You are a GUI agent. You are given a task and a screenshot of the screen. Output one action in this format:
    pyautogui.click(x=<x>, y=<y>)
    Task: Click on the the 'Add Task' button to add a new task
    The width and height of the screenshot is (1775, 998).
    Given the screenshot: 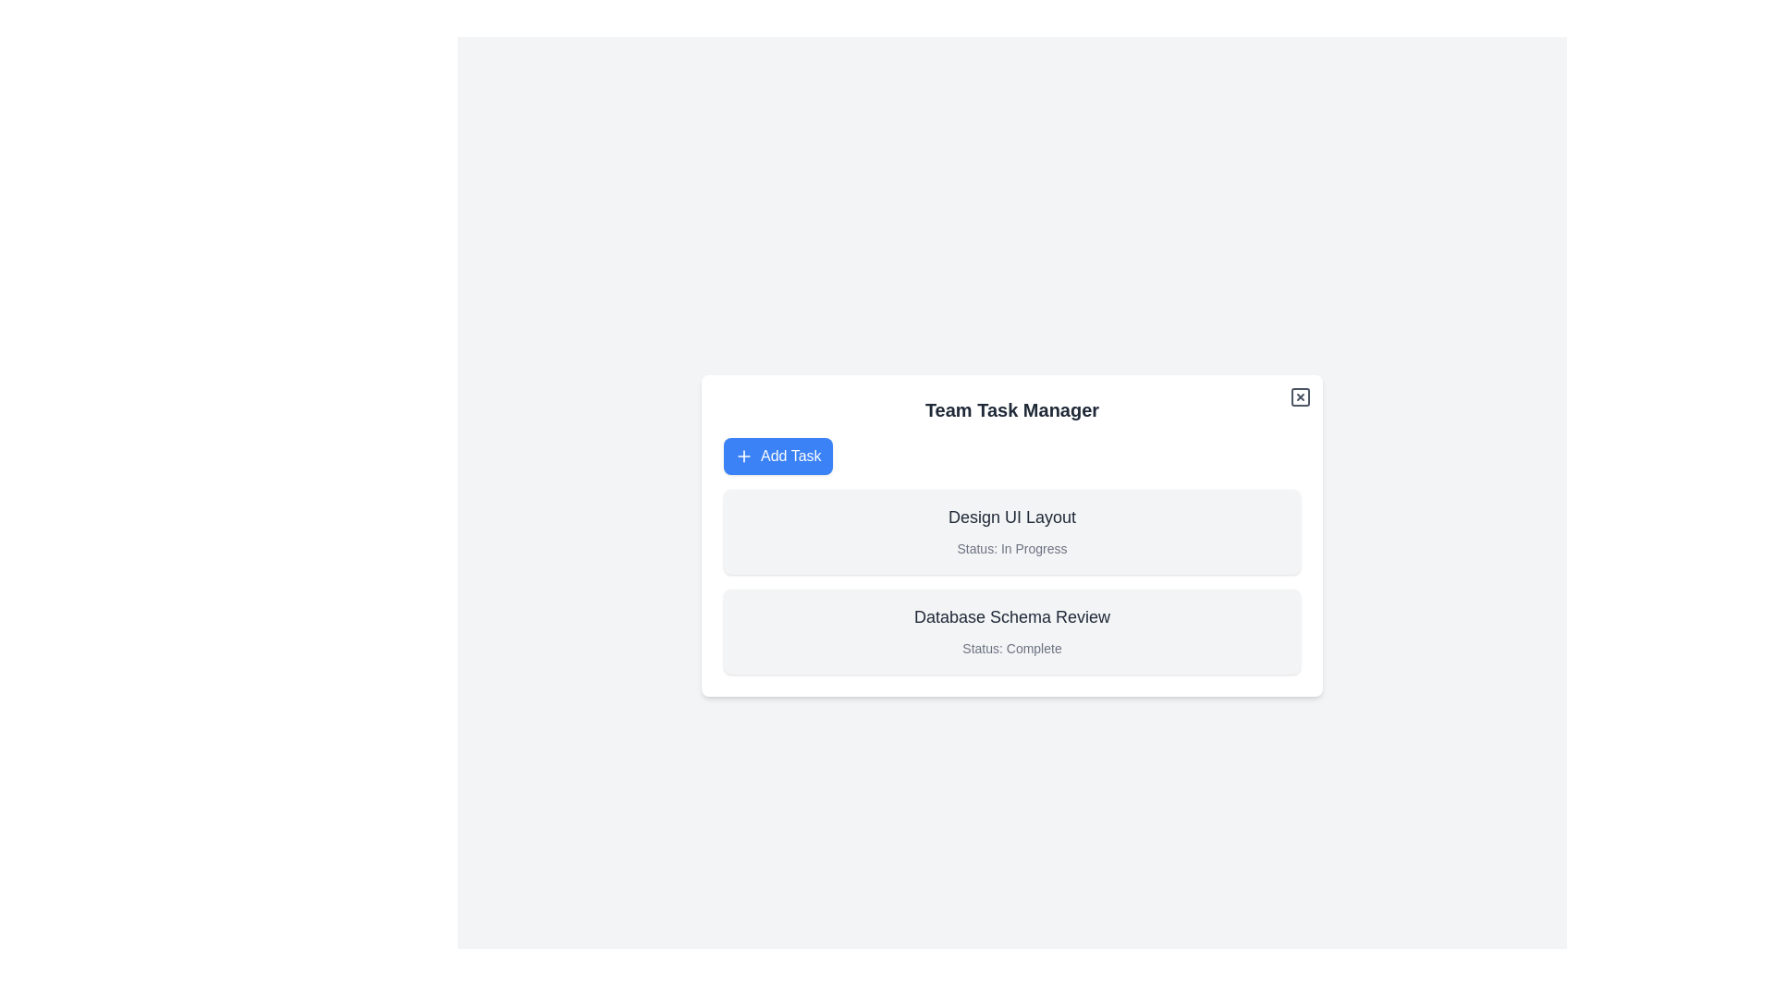 What is the action you would take?
    pyautogui.click(x=777, y=456)
    